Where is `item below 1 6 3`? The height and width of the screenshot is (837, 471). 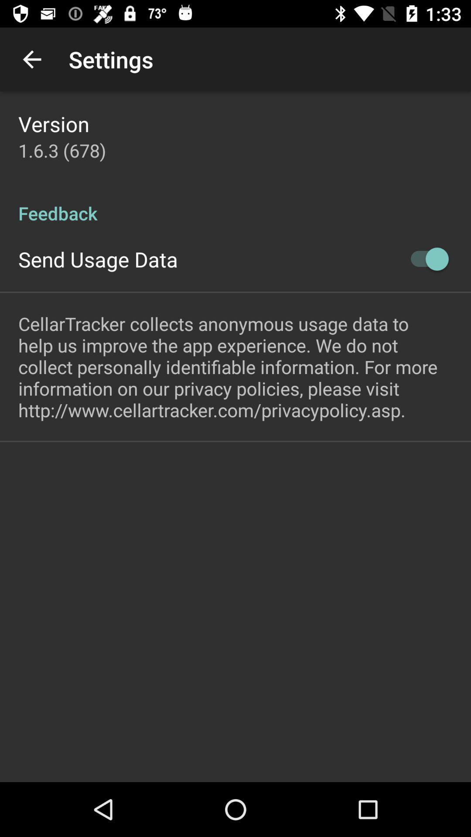 item below 1 6 3 is located at coordinates (235, 203).